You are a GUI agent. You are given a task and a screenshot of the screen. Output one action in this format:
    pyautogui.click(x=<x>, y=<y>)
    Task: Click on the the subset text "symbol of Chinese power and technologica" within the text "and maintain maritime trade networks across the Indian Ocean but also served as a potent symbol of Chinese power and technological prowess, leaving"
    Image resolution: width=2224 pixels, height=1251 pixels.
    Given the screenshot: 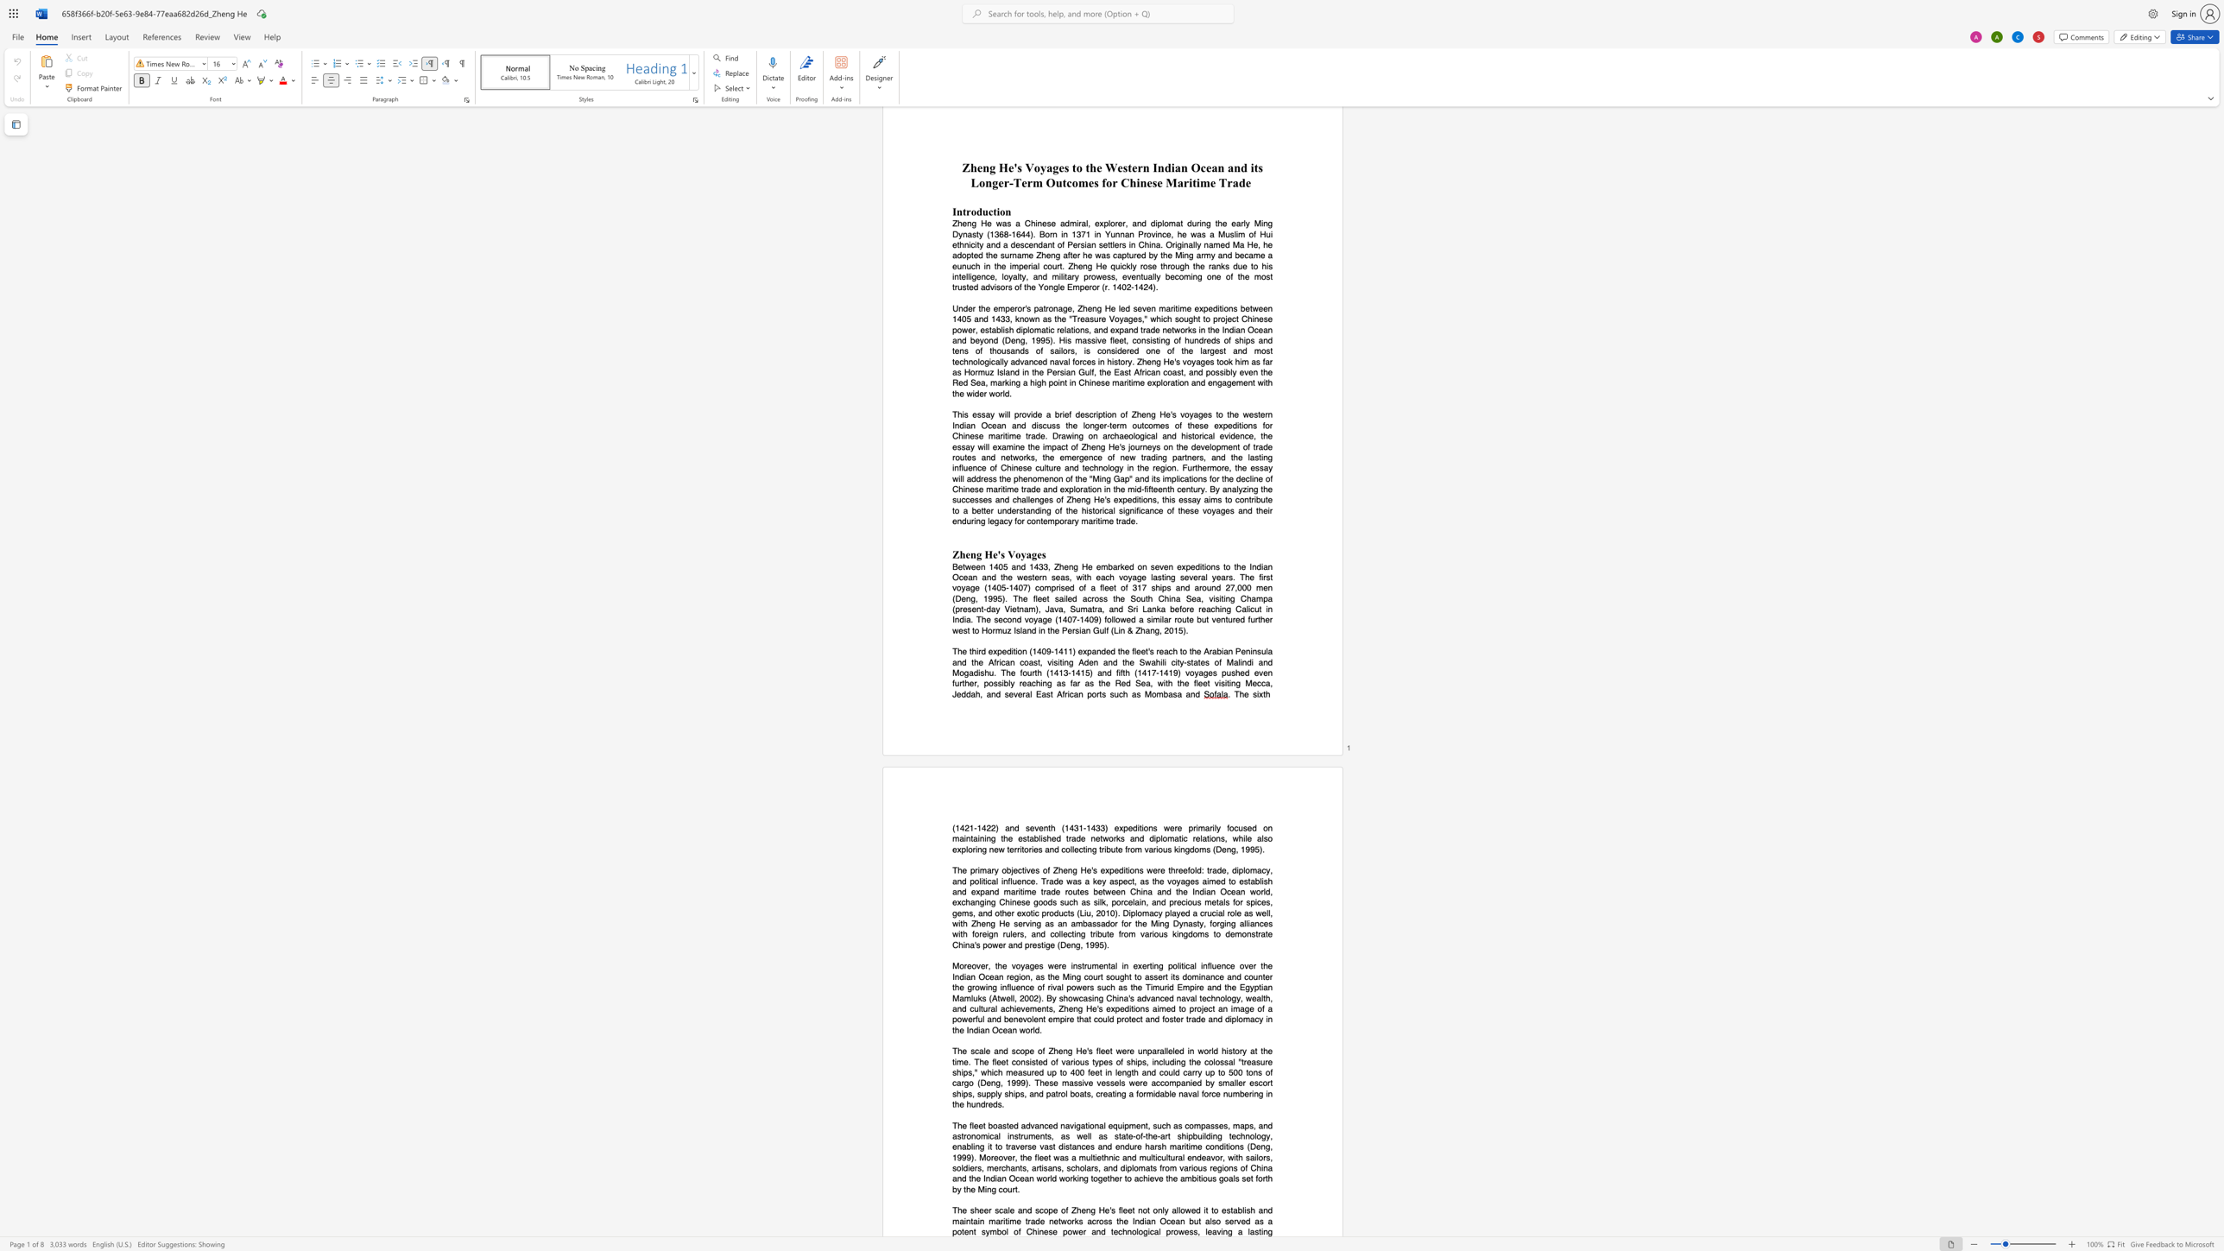 What is the action you would take?
    pyautogui.click(x=981, y=1231)
    